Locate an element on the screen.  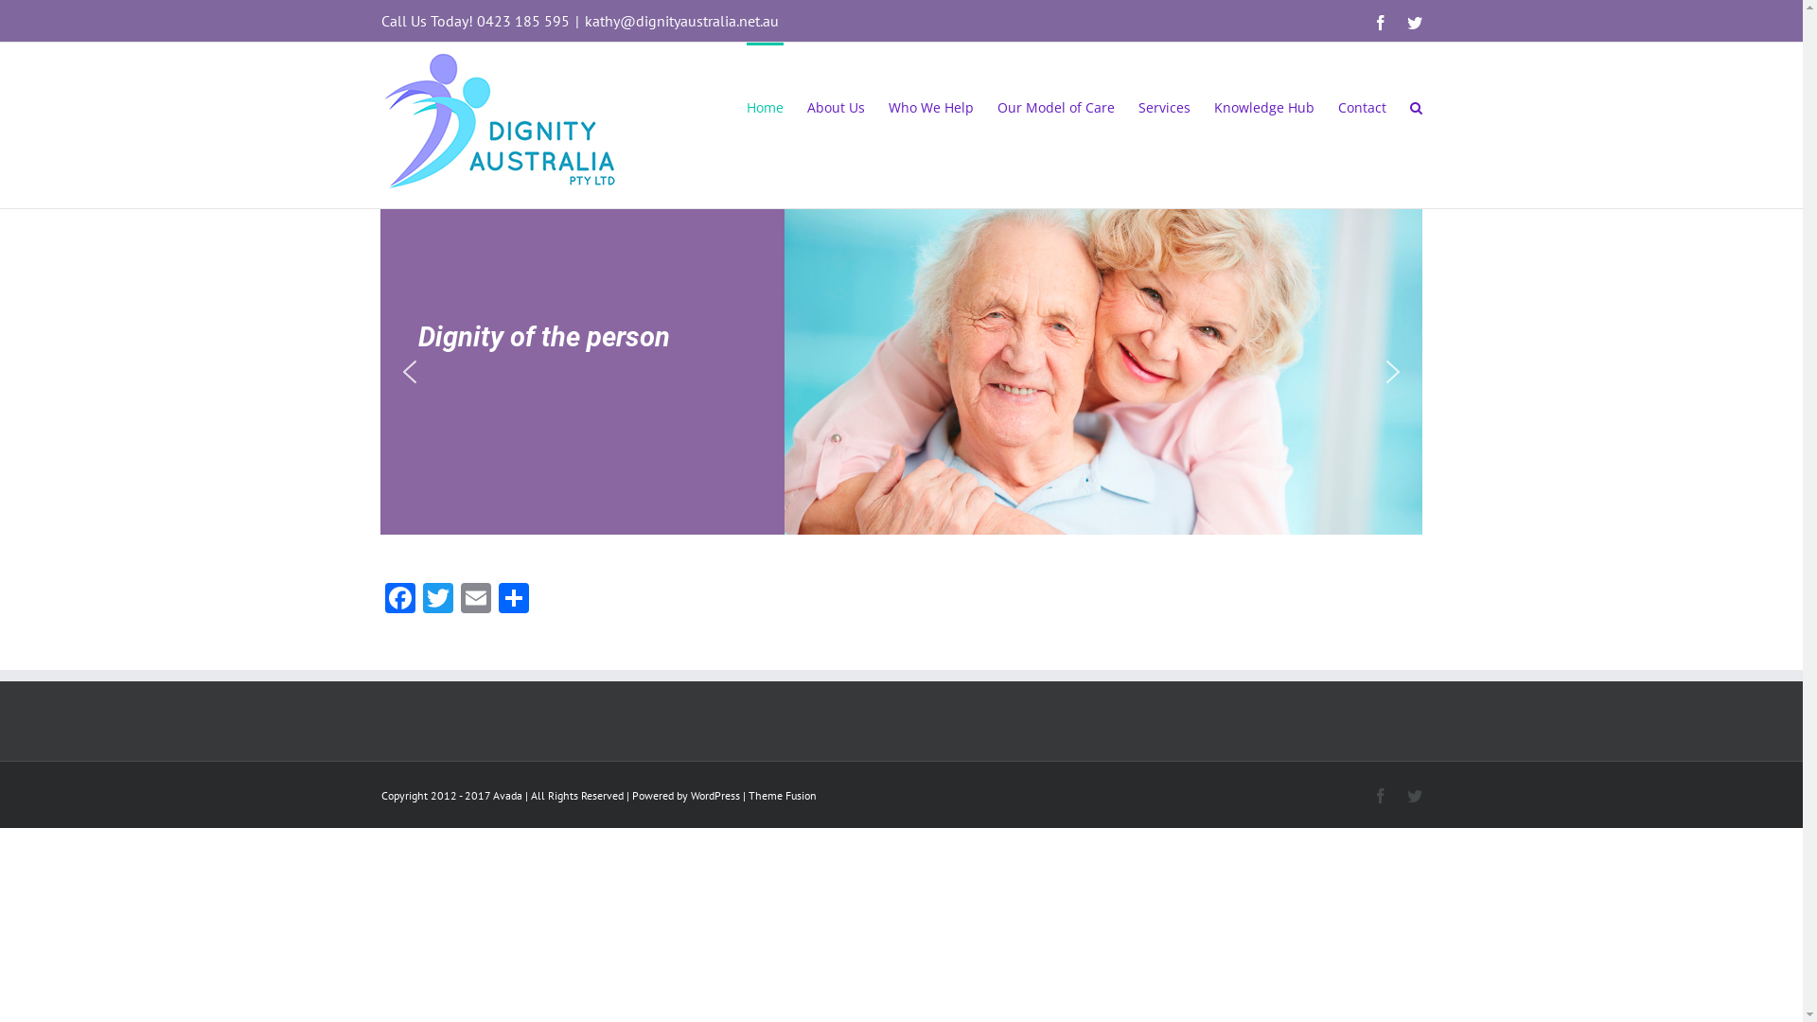
'Share' is located at coordinates (513, 599).